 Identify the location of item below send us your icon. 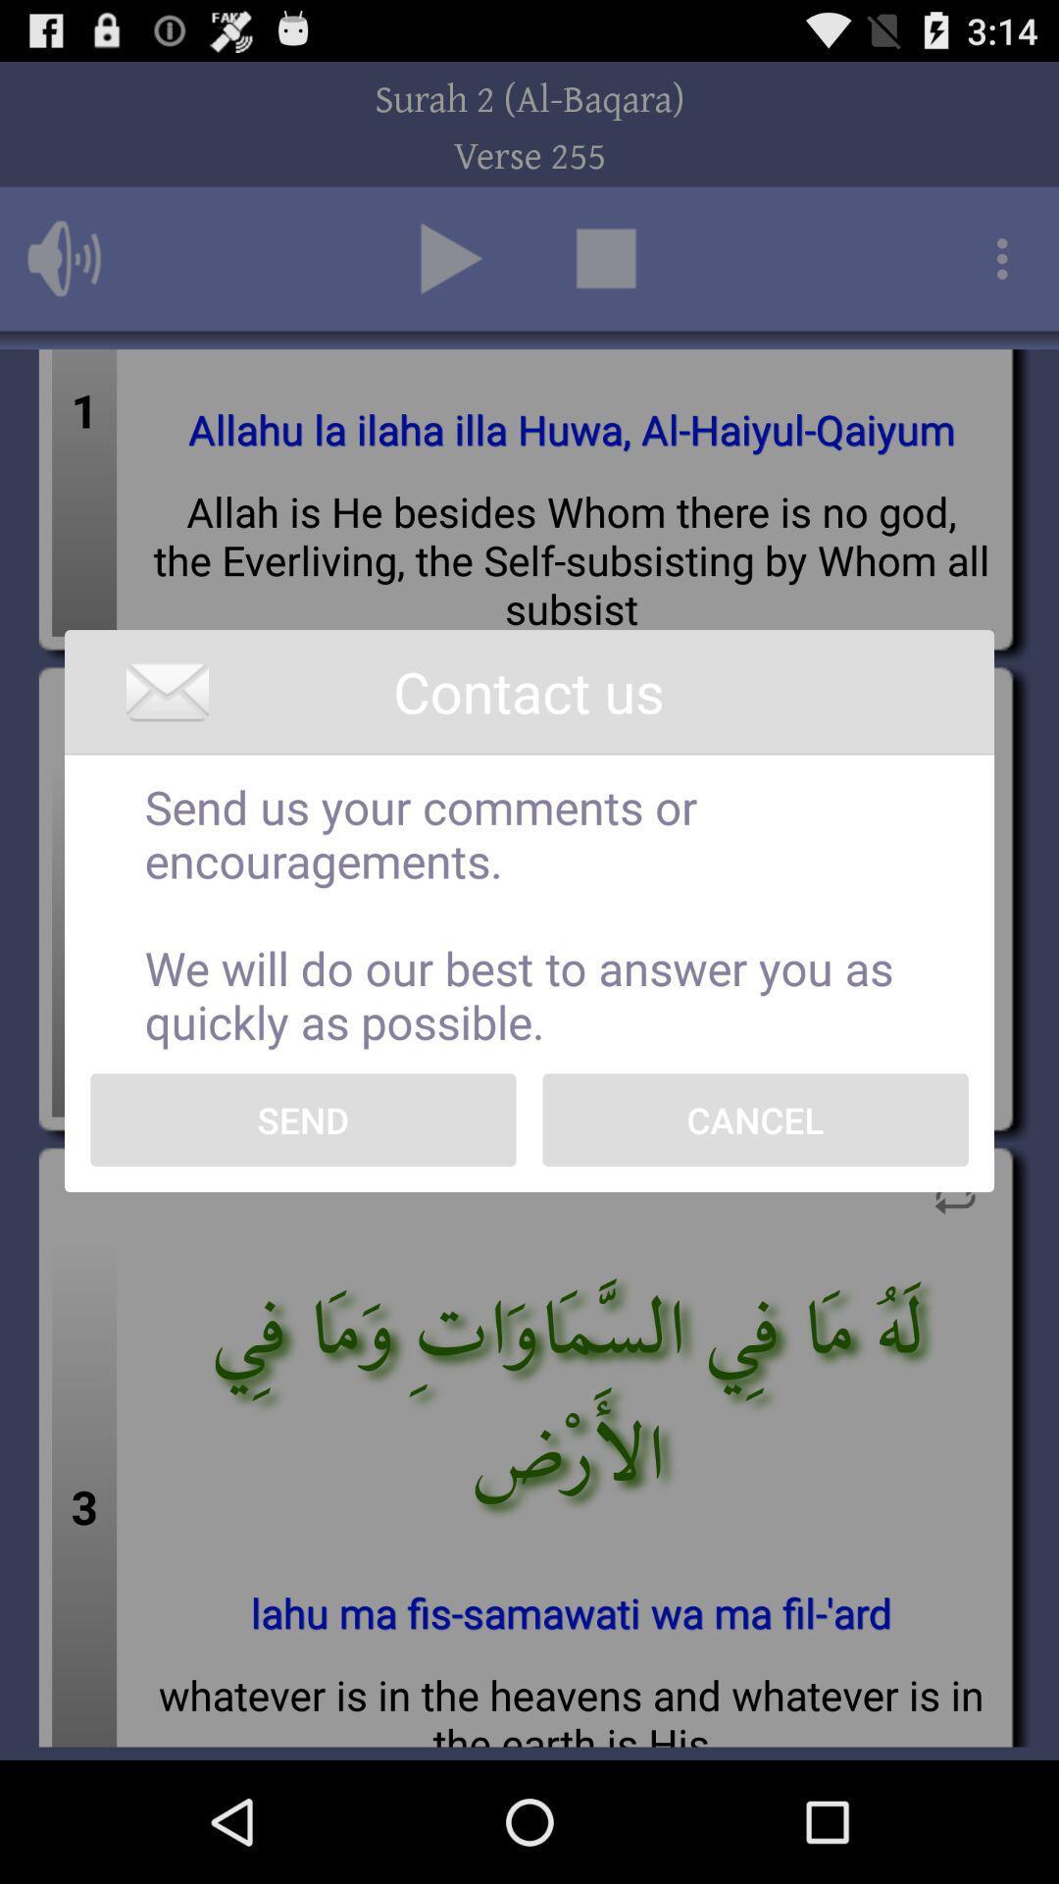
(754, 1120).